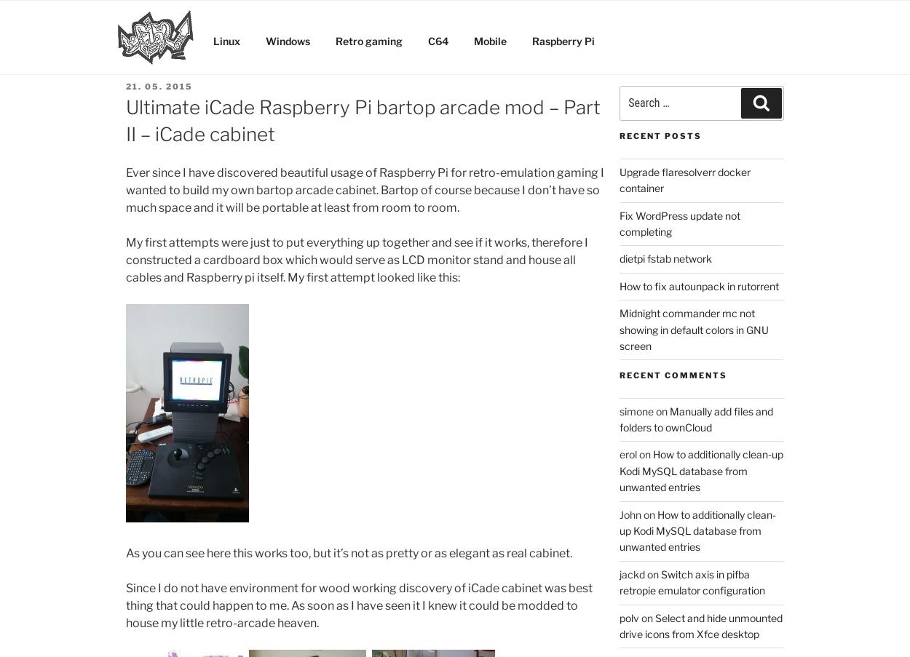 The image size is (910, 657). Describe the element at coordinates (619, 625) in the screenshot. I see `'Select and hide unmounted drive icons from Xfce desktop'` at that location.